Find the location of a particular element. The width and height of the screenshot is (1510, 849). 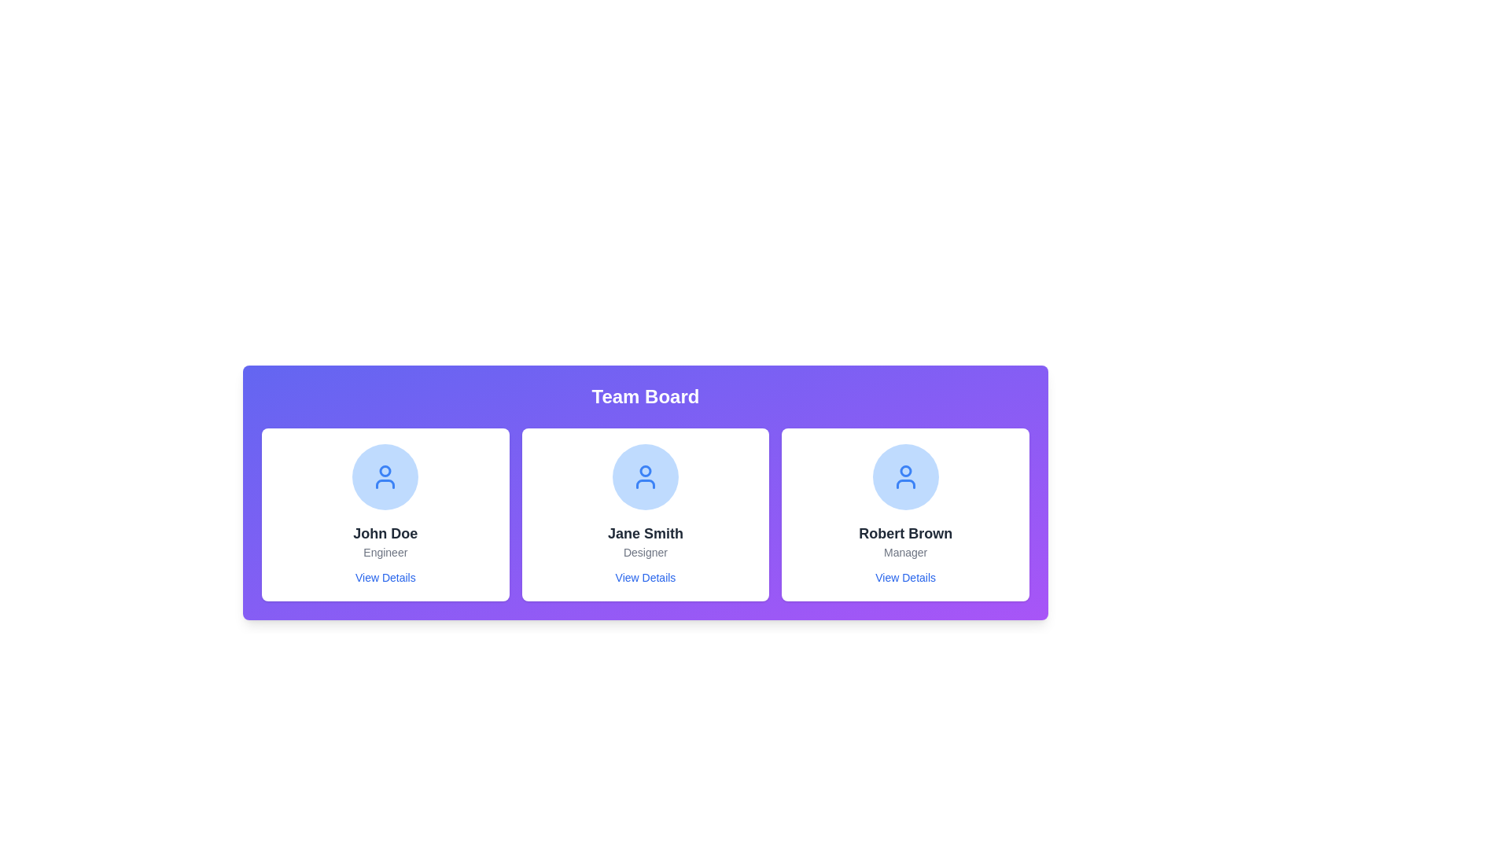

the 'View Details' hyperlink styled with blue font and underlined text, located at the bottom of Robert Brown's card is located at coordinates (905, 578).